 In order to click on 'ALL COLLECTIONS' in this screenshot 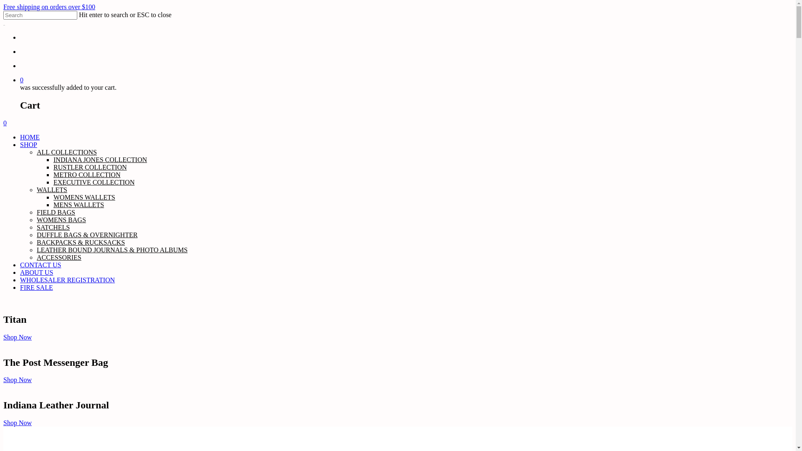, I will do `click(66, 152)`.